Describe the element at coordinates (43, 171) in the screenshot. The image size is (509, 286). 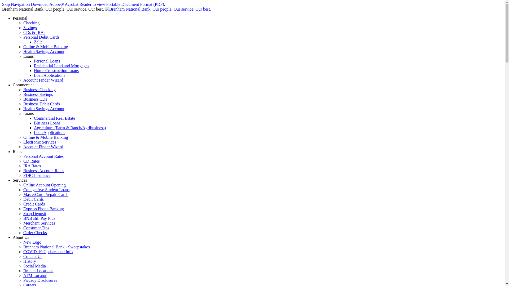
I see `'Business Account Rates'` at that location.